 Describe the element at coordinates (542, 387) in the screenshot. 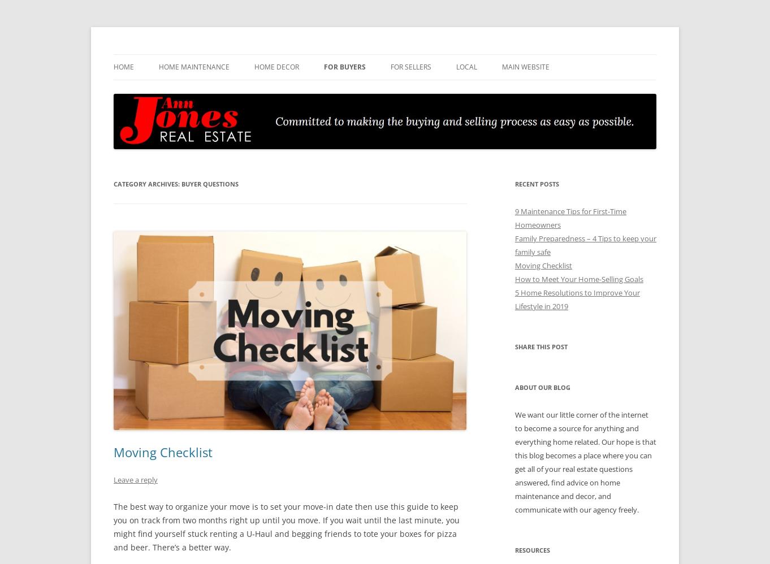

I see `'About Our Blog'` at that location.